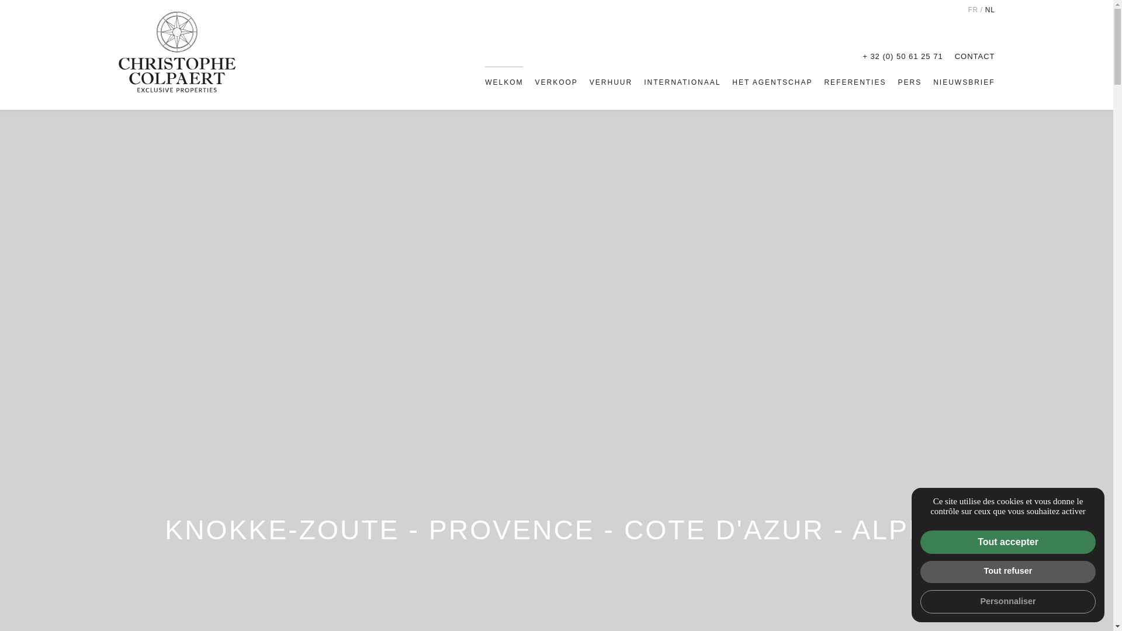 The height and width of the screenshot is (631, 1122). I want to click on 'Tout accepter', so click(1007, 542).